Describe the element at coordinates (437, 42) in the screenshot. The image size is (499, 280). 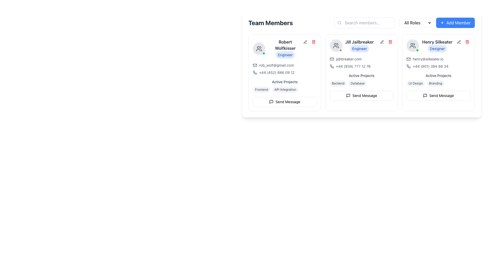
I see `the text label that identifies the user in the rightmost user card, positioned above the 'Designer' badge and below the profile image placeholder` at that location.